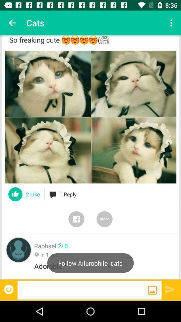 This screenshot has width=181, height=322. What do you see at coordinates (12, 23) in the screenshot?
I see `the item above the so freaking cute item` at bounding box center [12, 23].